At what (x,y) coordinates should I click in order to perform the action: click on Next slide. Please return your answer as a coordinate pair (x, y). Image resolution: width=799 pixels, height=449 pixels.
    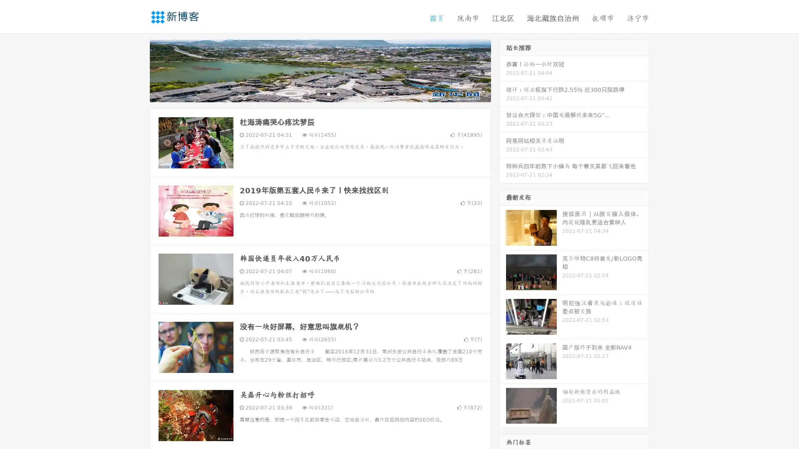
    Looking at the image, I should click on (503, 70).